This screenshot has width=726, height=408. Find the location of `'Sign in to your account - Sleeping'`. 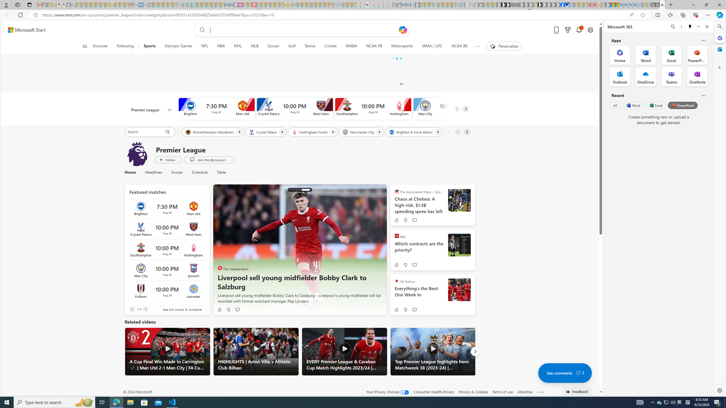

'Sign in to your account - Sleeping' is located at coordinates (535, 5).